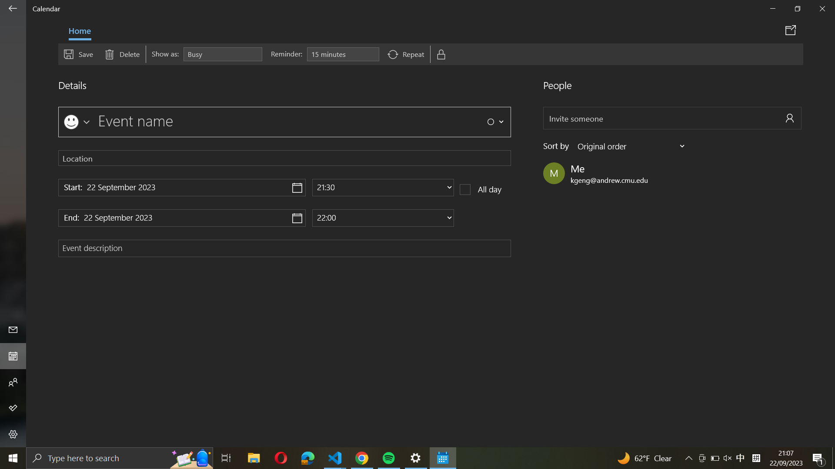 This screenshot has height=469, width=835. I want to click on Delete event using the delete button, so click(122, 53).